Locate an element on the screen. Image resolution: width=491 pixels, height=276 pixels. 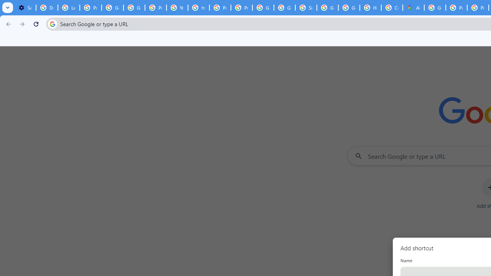
'Settings - On startup' is located at coordinates (25, 8).